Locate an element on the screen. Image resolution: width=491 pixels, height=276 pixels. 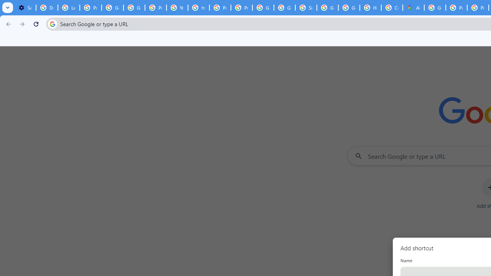
'Settings - On startup' is located at coordinates (25, 8).